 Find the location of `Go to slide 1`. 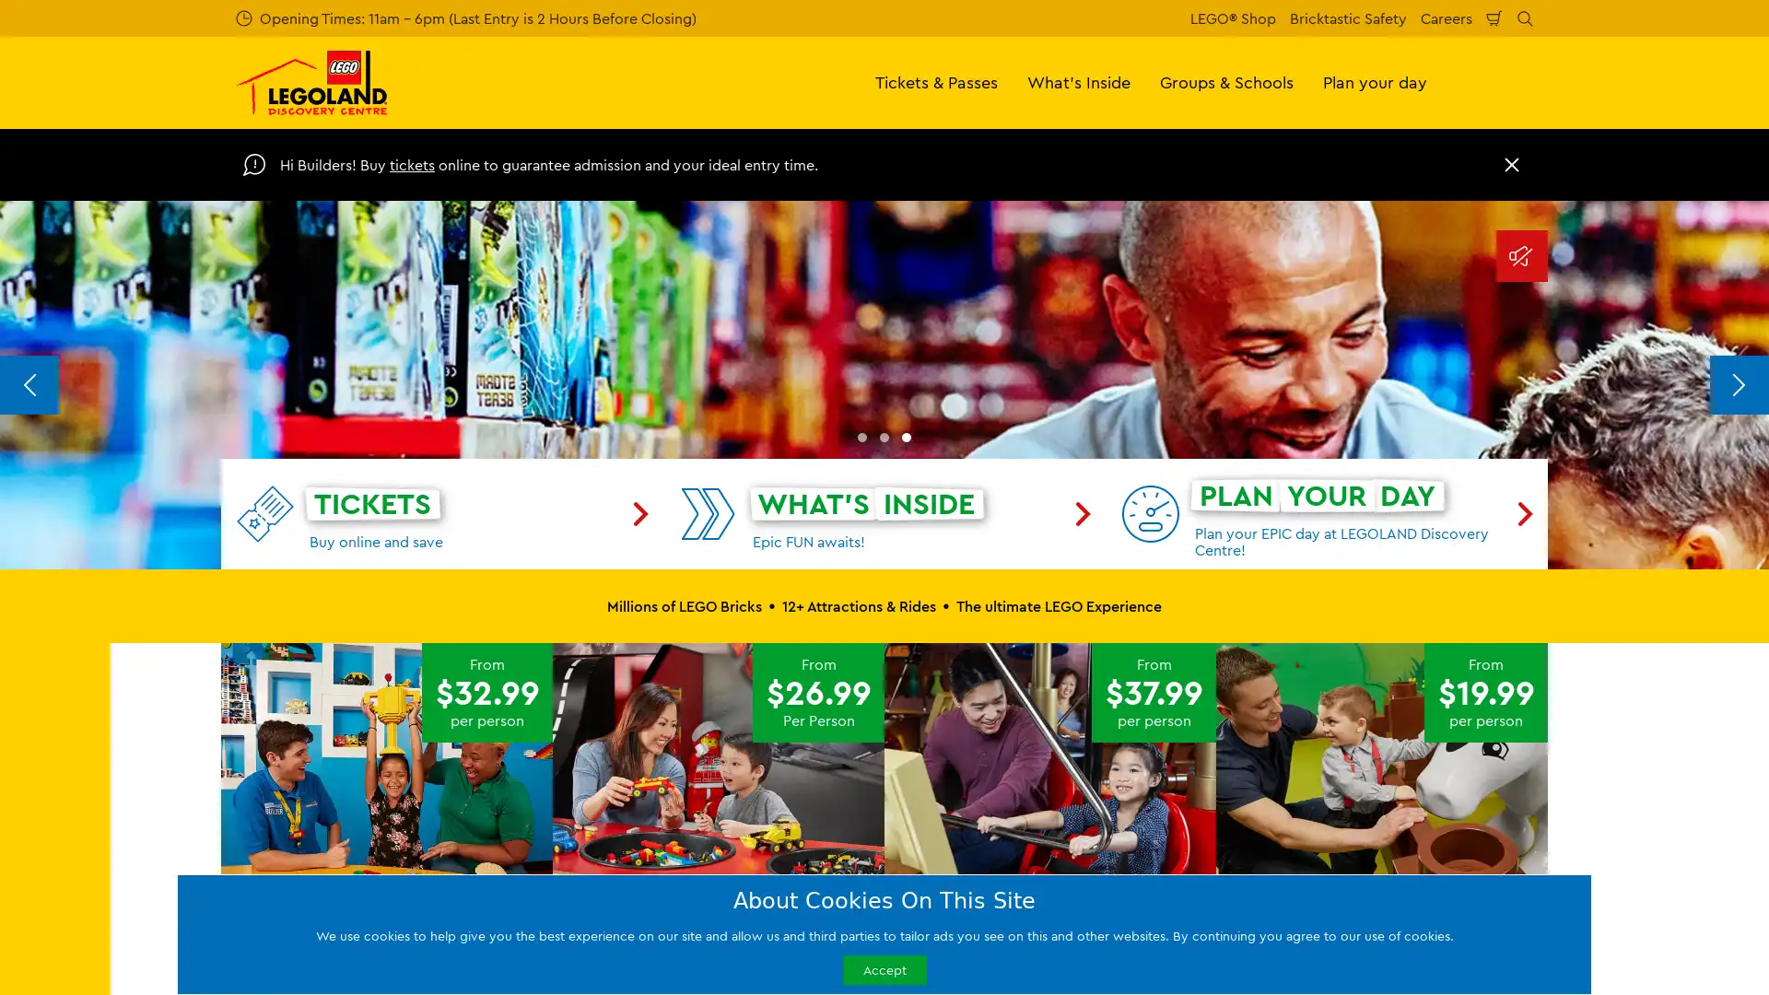

Go to slide 1 is located at coordinates (861, 785).